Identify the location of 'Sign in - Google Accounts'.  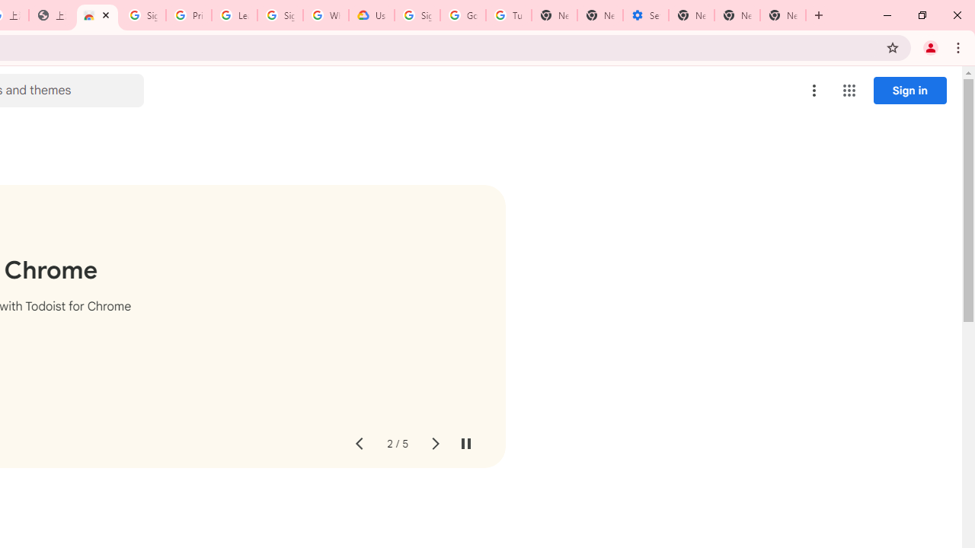
(142, 15).